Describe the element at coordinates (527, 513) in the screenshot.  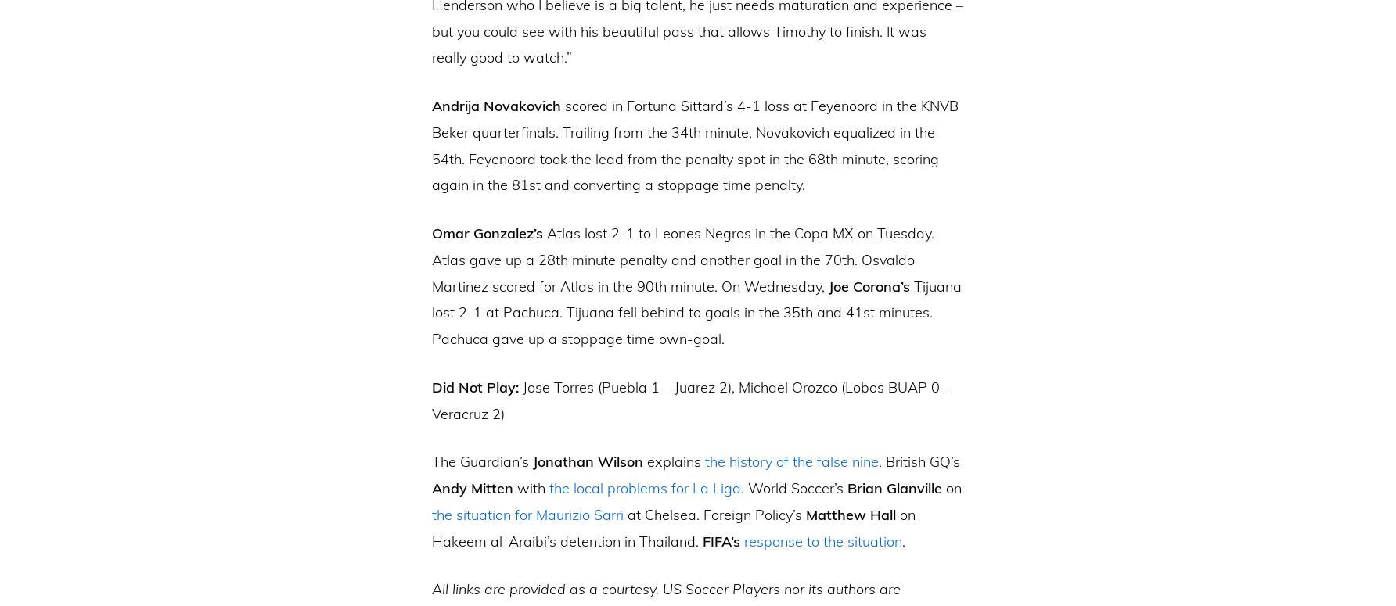
I see `'the situation for Maurizio Sarri'` at that location.